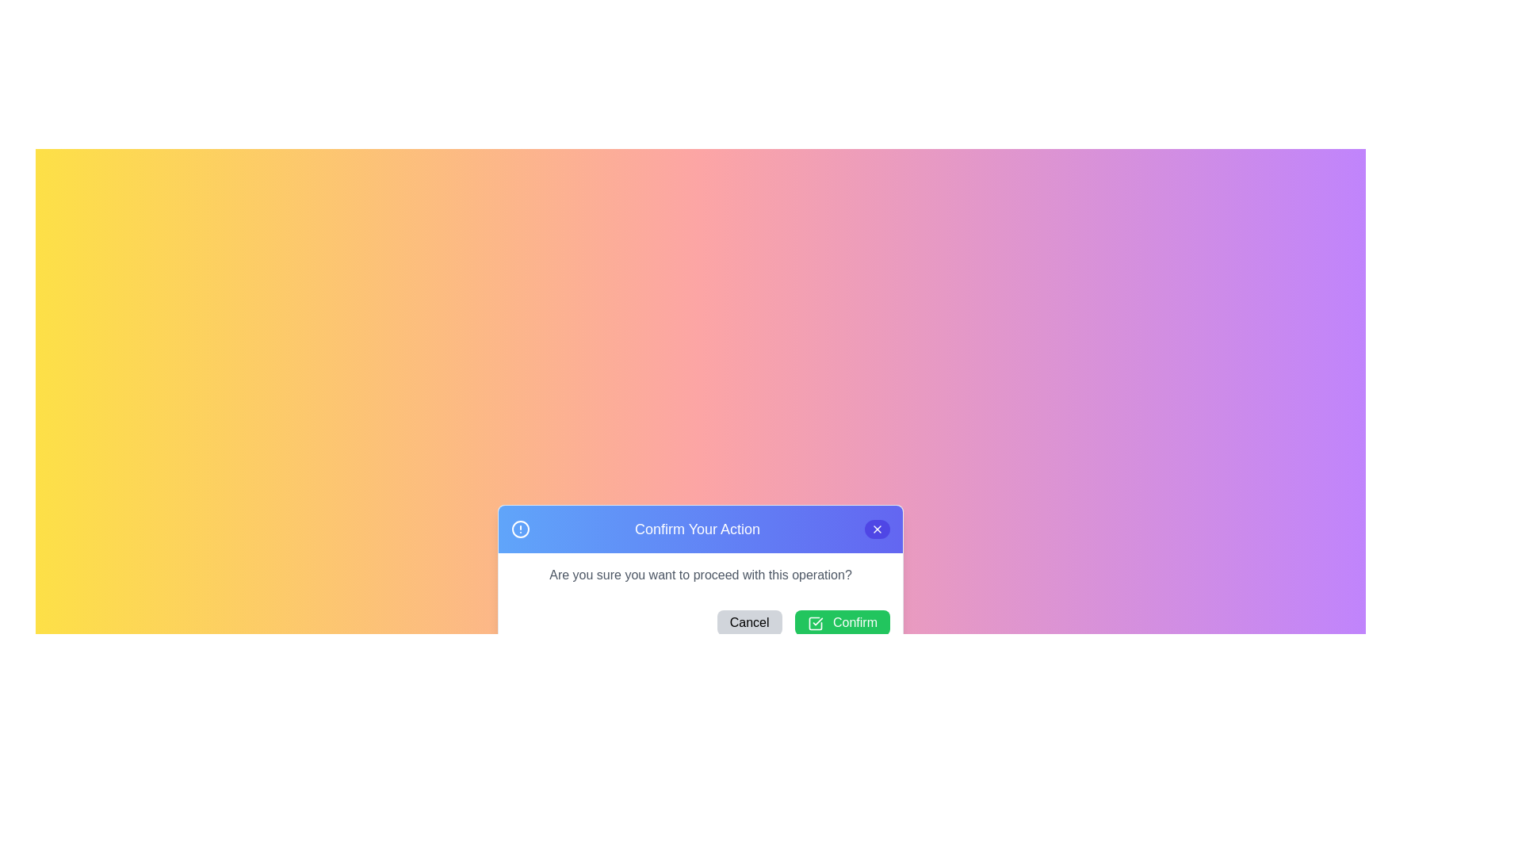  I want to click on the 'Cancel' button located at the bottom section of the modal/dialog box, which is styled with a light gray background and contains bold black text, so click(748, 622).